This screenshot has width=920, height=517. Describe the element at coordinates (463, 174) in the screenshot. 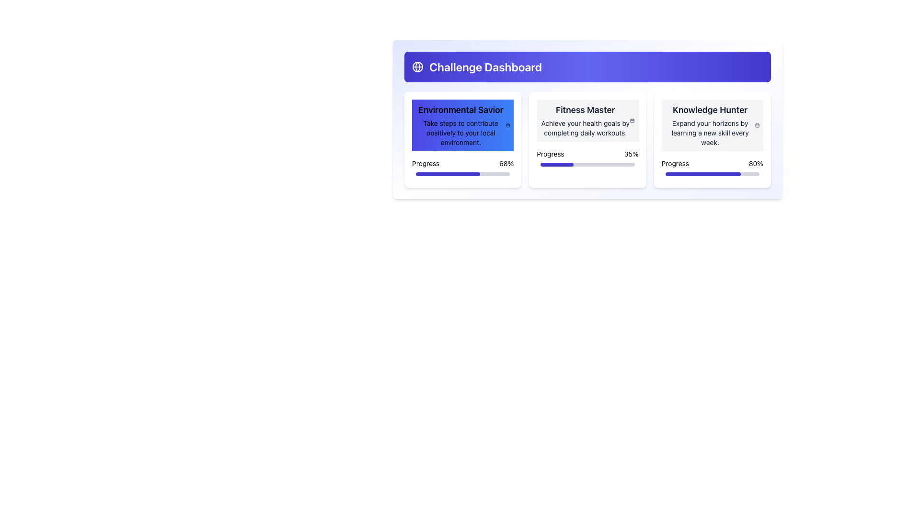

I see `the Progress Bar located at the bottom of the 'Environmental Savior' card in the 'Challenge Dashboard', which visually represents a progress percentage of 68%` at that location.